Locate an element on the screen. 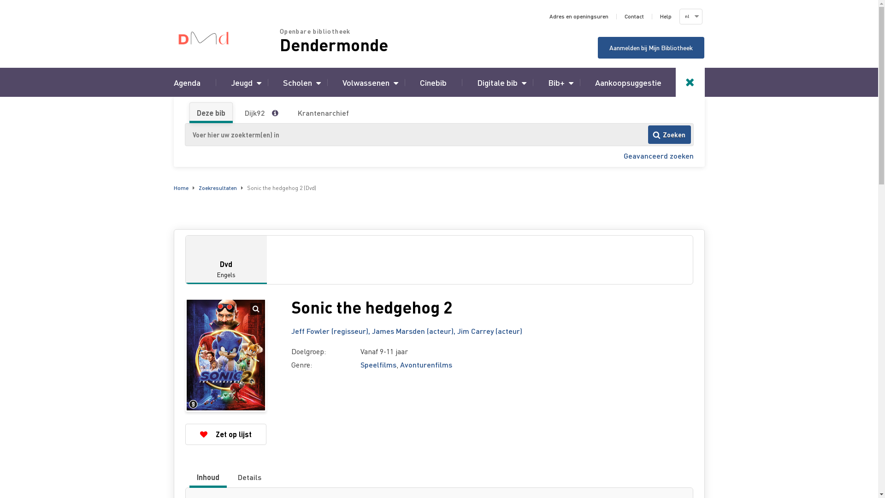  'Inhoud' is located at coordinates (207, 477).